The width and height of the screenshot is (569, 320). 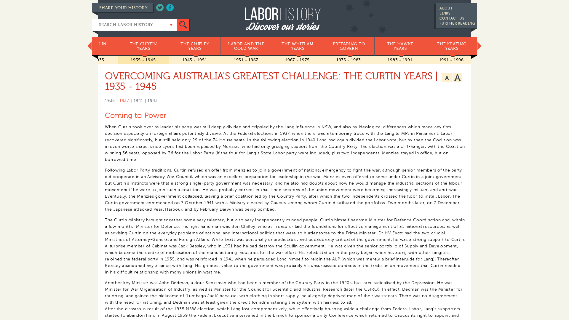 I want to click on '1975 - 1983', so click(x=349, y=60).